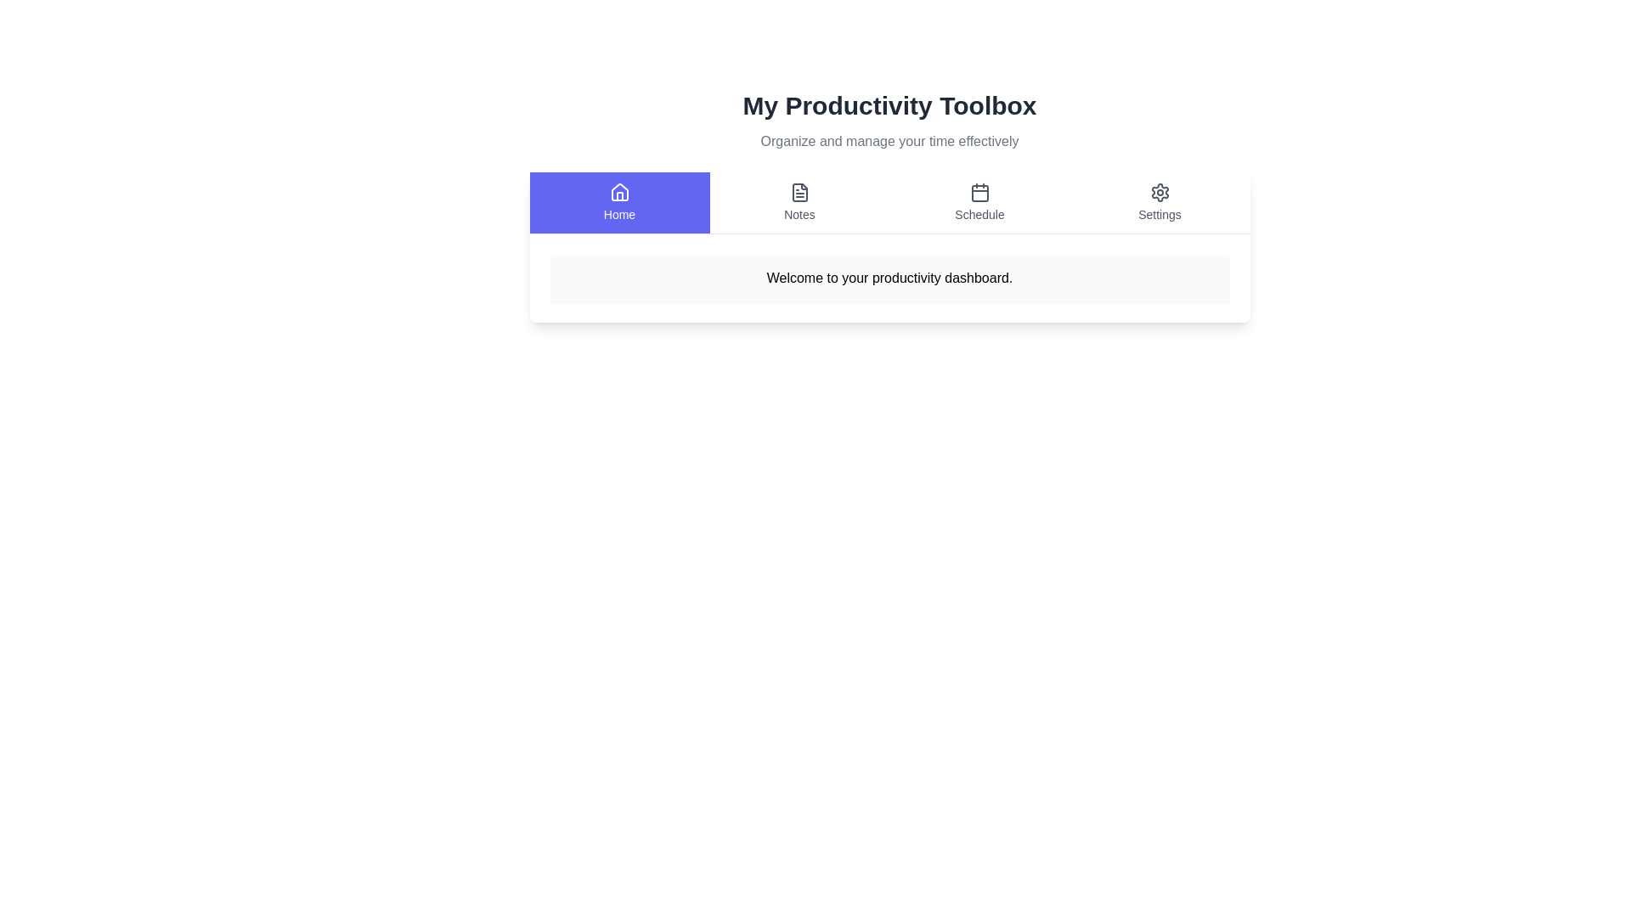 The image size is (1631, 917). I want to click on the 'Notes' text label, which is styled in a small text size and positioned below a document icon, so click(799, 214).